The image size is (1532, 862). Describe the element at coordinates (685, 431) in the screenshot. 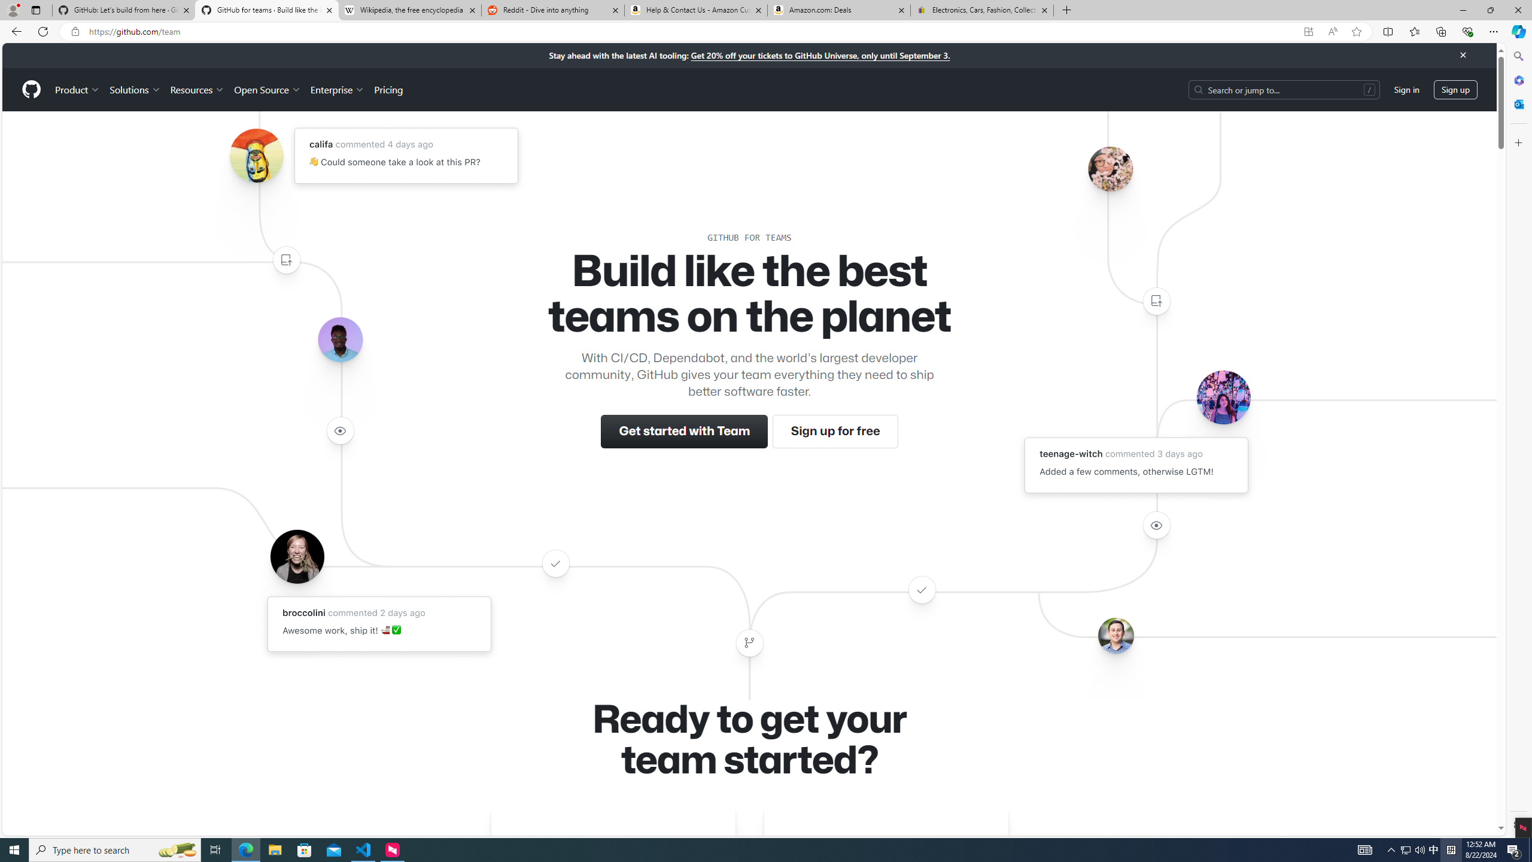

I see `'Get started with Team'` at that location.